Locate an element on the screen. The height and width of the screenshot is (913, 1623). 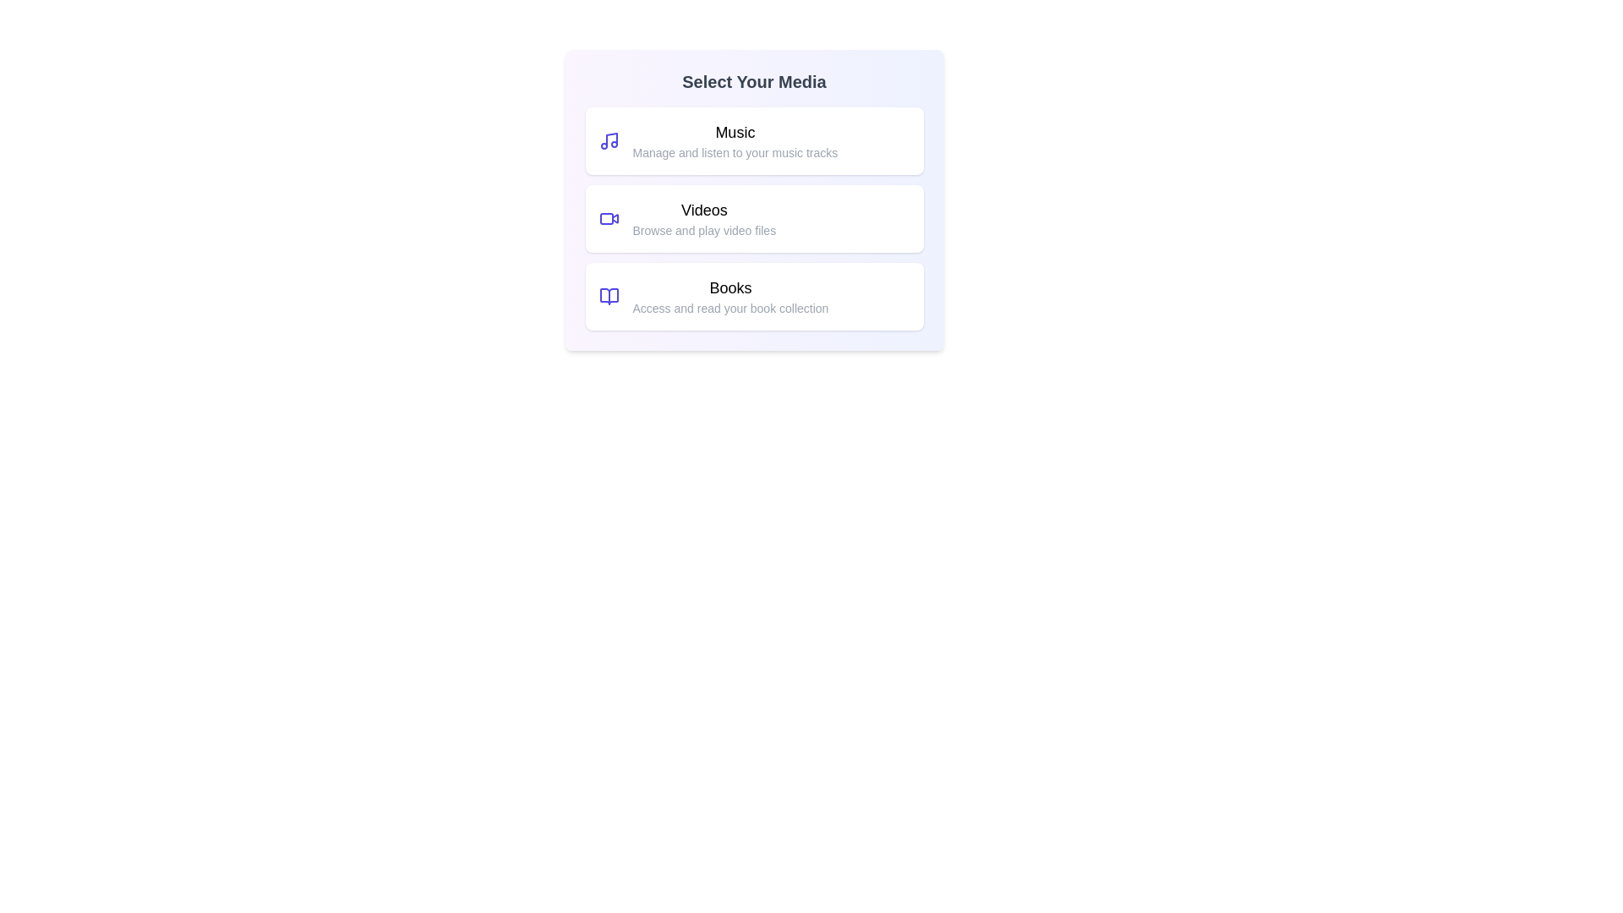
the Videos card to select it is located at coordinates (753, 217).